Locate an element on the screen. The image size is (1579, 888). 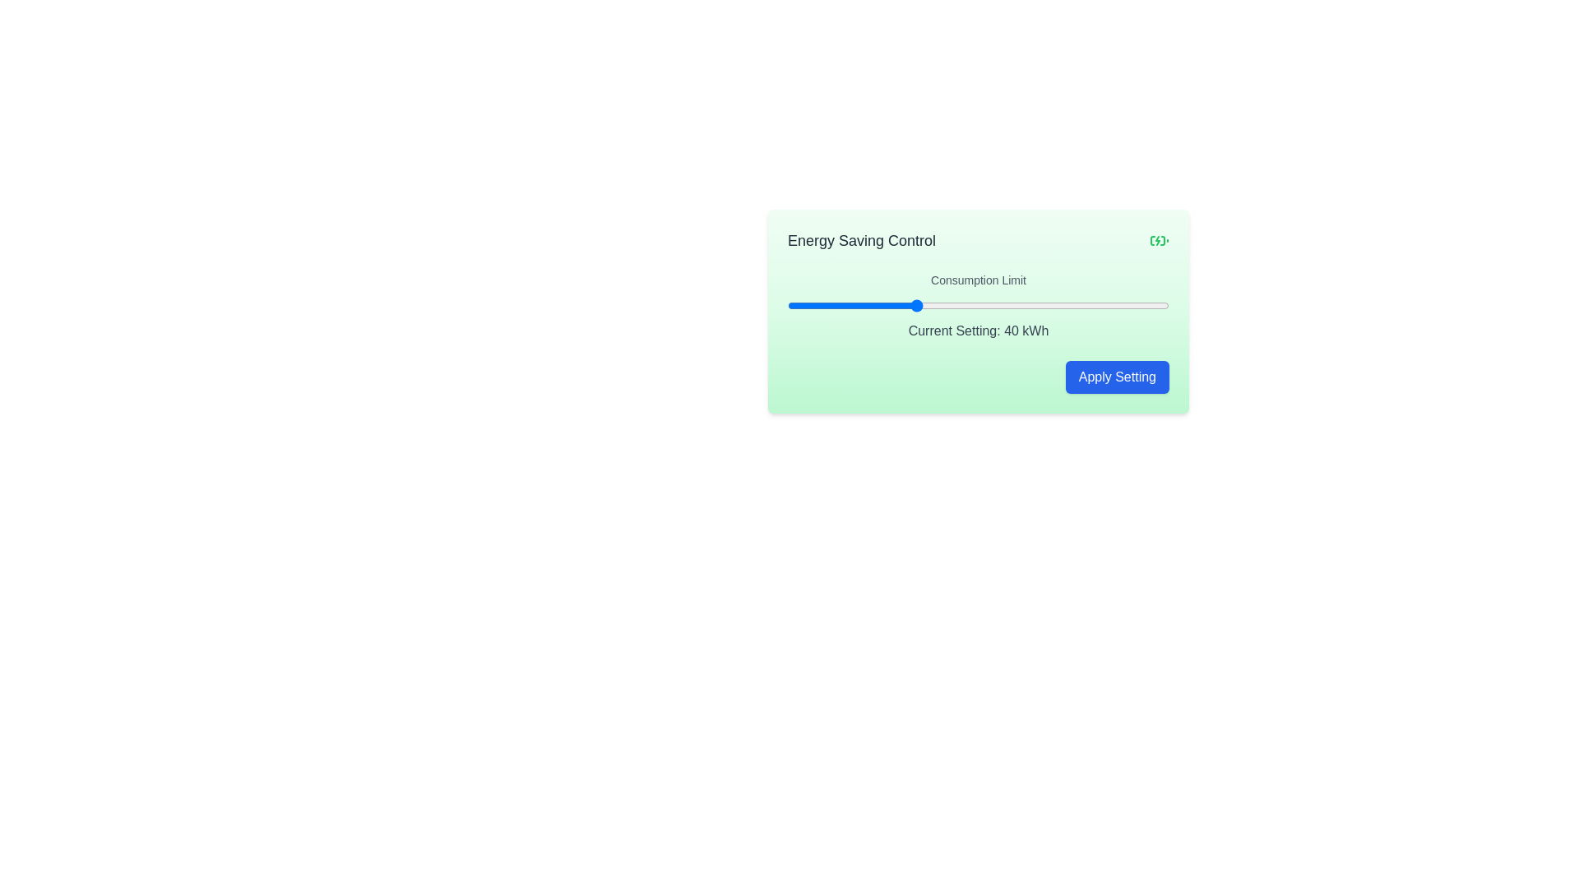
the consumption limit slider to set the value to 53 is located at coordinates (997, 305).